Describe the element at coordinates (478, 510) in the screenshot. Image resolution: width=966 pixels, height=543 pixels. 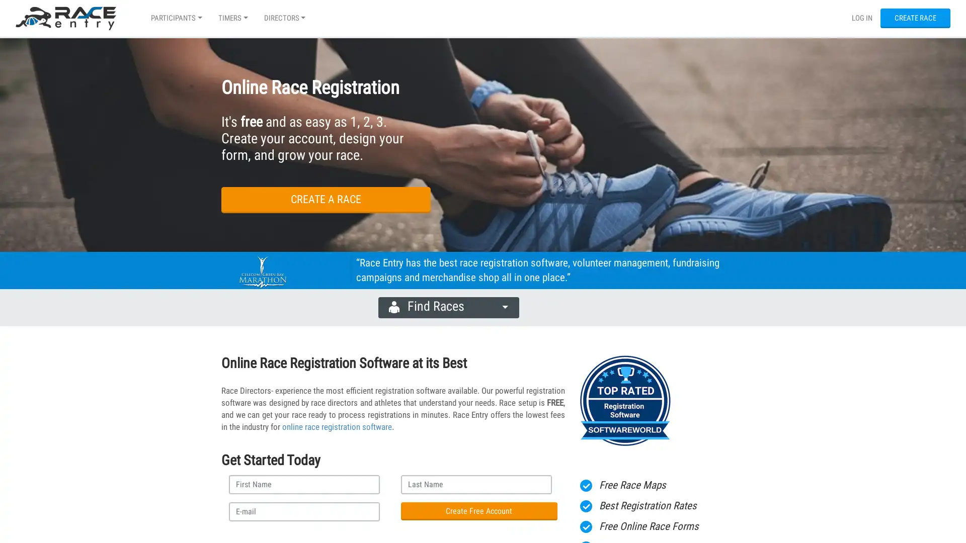
I see `Create Free Account` at that location.